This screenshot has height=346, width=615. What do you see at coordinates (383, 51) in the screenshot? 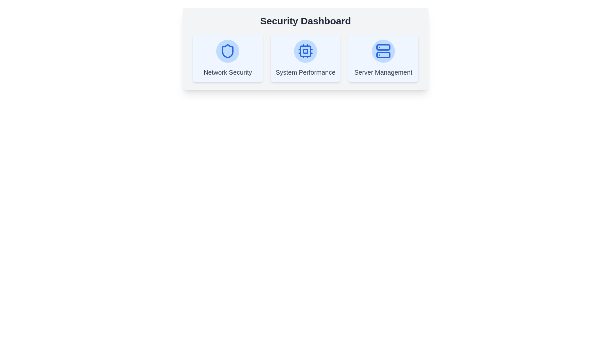
I see `the 'Server Management' icon, which is the main icon displayed in the rightmost card under the 'Security Dashboard' heading` at bounding box center [383, 51].